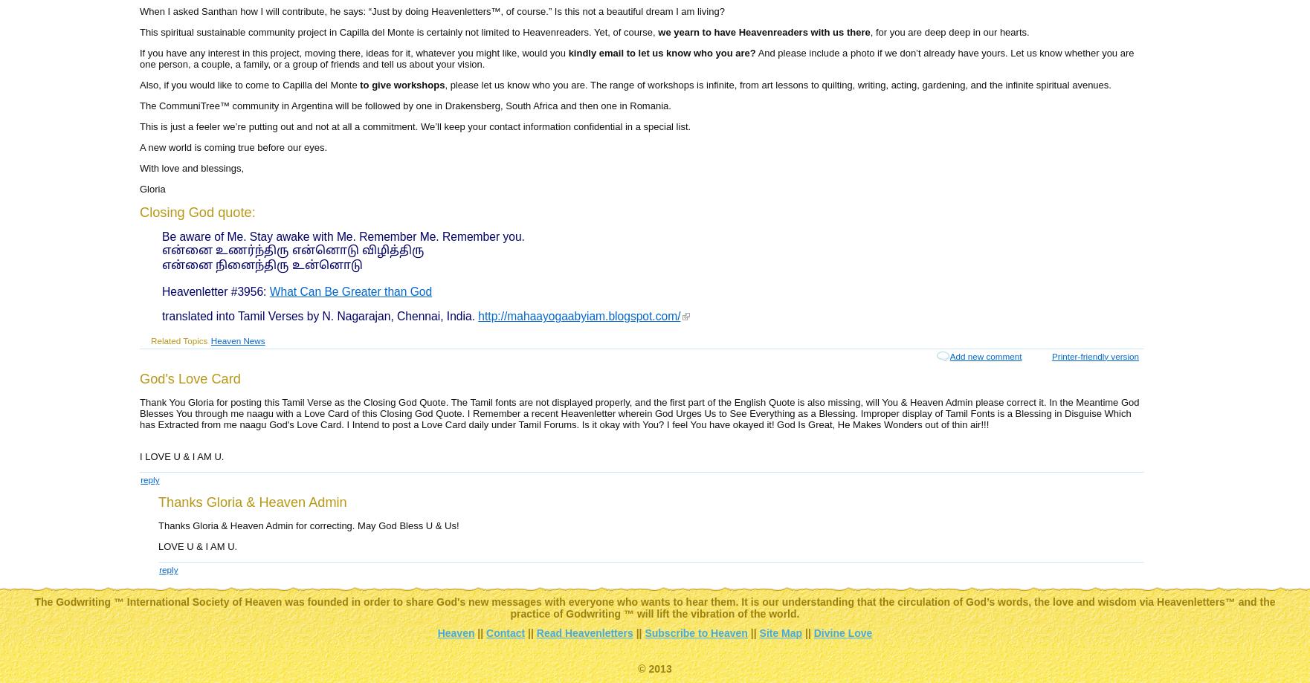  What do you see at coordinates (636, 58) in the screenshot?
I see `'And please include a photo if we don’t already have yours. Let us know whether you are one person, a couple, a family, or a group of friends and tell us about your vision.'` at bounding box center [636, 58].